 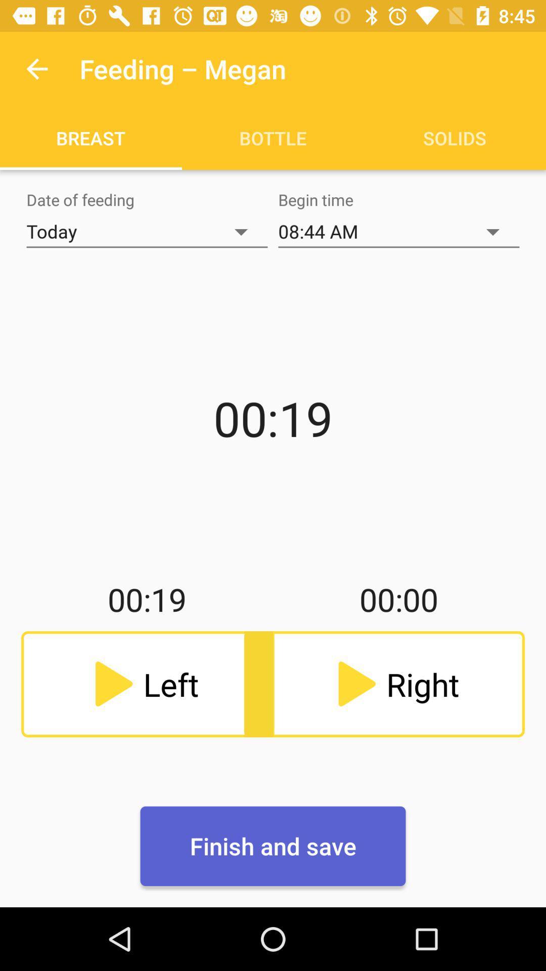 What do you see at coordinates (398, 231) in the screenshot?
I see `the icon to the right of the today icon` at bounding box center [398, 231].